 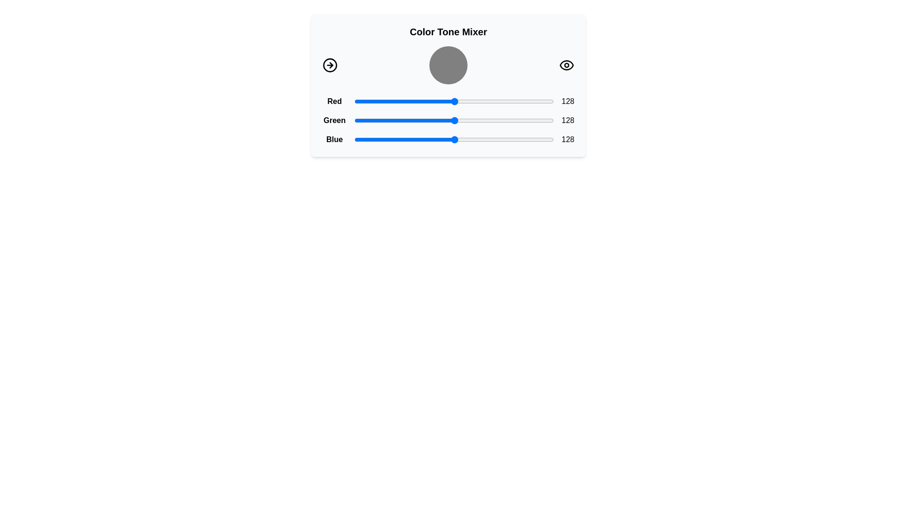 I want to click on green color intensity, so click(x=535, y=120).